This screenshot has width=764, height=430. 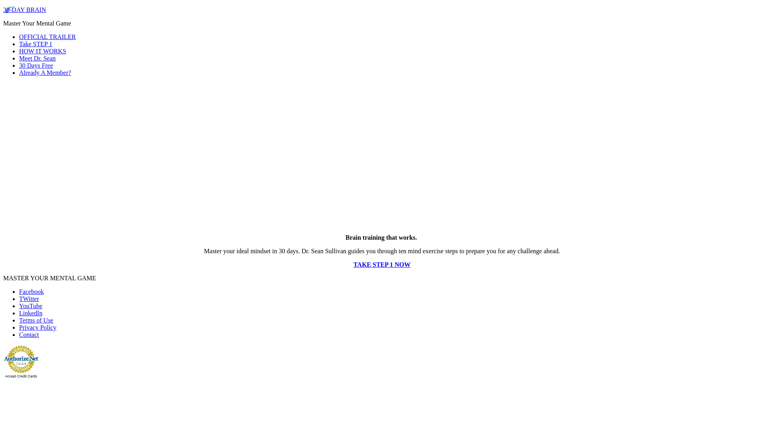 I want to click on 'Contact', so click(x=19, y=334).